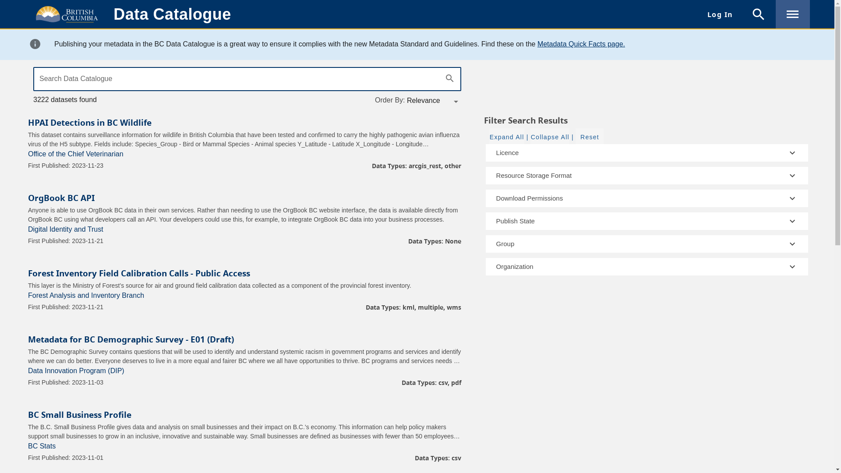 This screenshot has height=473, width=841. Describe the element at coordinates (589, 137) in the screenshot. I see `'Reset'` at that location.